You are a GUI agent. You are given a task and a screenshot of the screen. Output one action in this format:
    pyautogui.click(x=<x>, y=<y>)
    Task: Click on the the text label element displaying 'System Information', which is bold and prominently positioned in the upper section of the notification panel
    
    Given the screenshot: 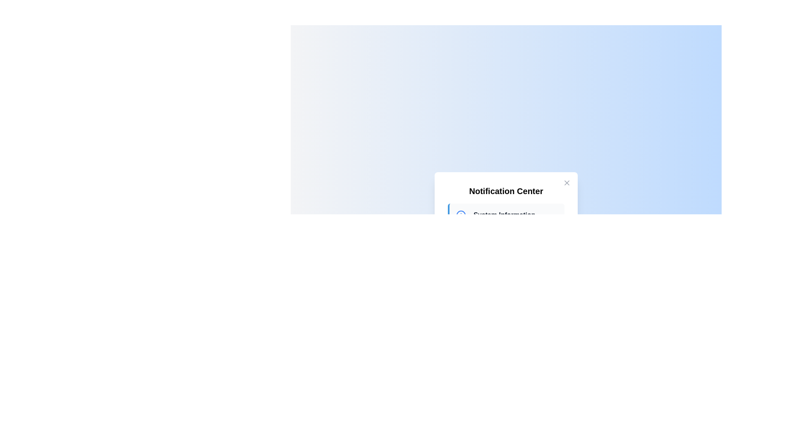 What is the action you would take?
    pyautogui.click(x=504, y=214)
    